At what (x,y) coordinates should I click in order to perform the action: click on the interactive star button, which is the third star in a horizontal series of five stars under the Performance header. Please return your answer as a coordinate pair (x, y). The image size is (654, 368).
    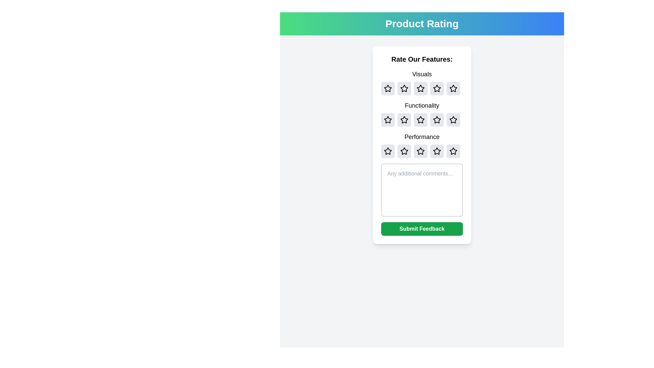
    Looking at the image, I should click on (420, 151).